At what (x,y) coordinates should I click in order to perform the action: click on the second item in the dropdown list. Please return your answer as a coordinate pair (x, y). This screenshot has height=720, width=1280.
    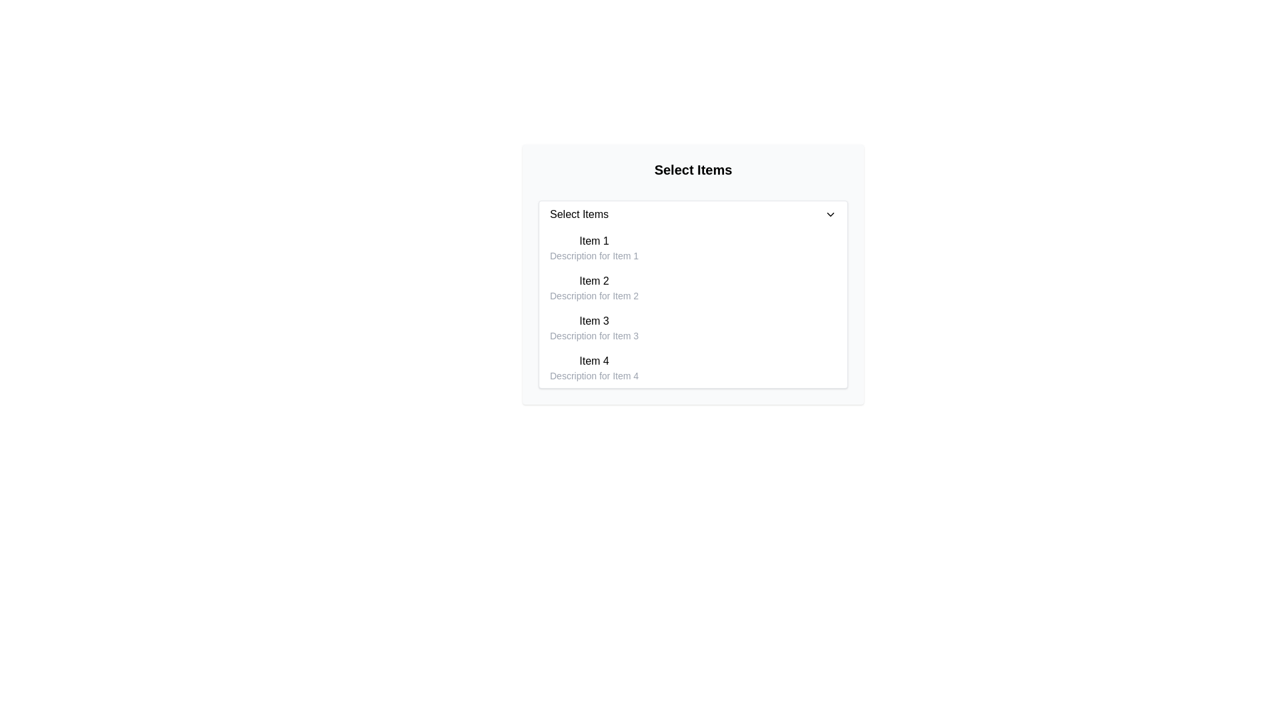
    Looking at the image, I should click on (693, 287).